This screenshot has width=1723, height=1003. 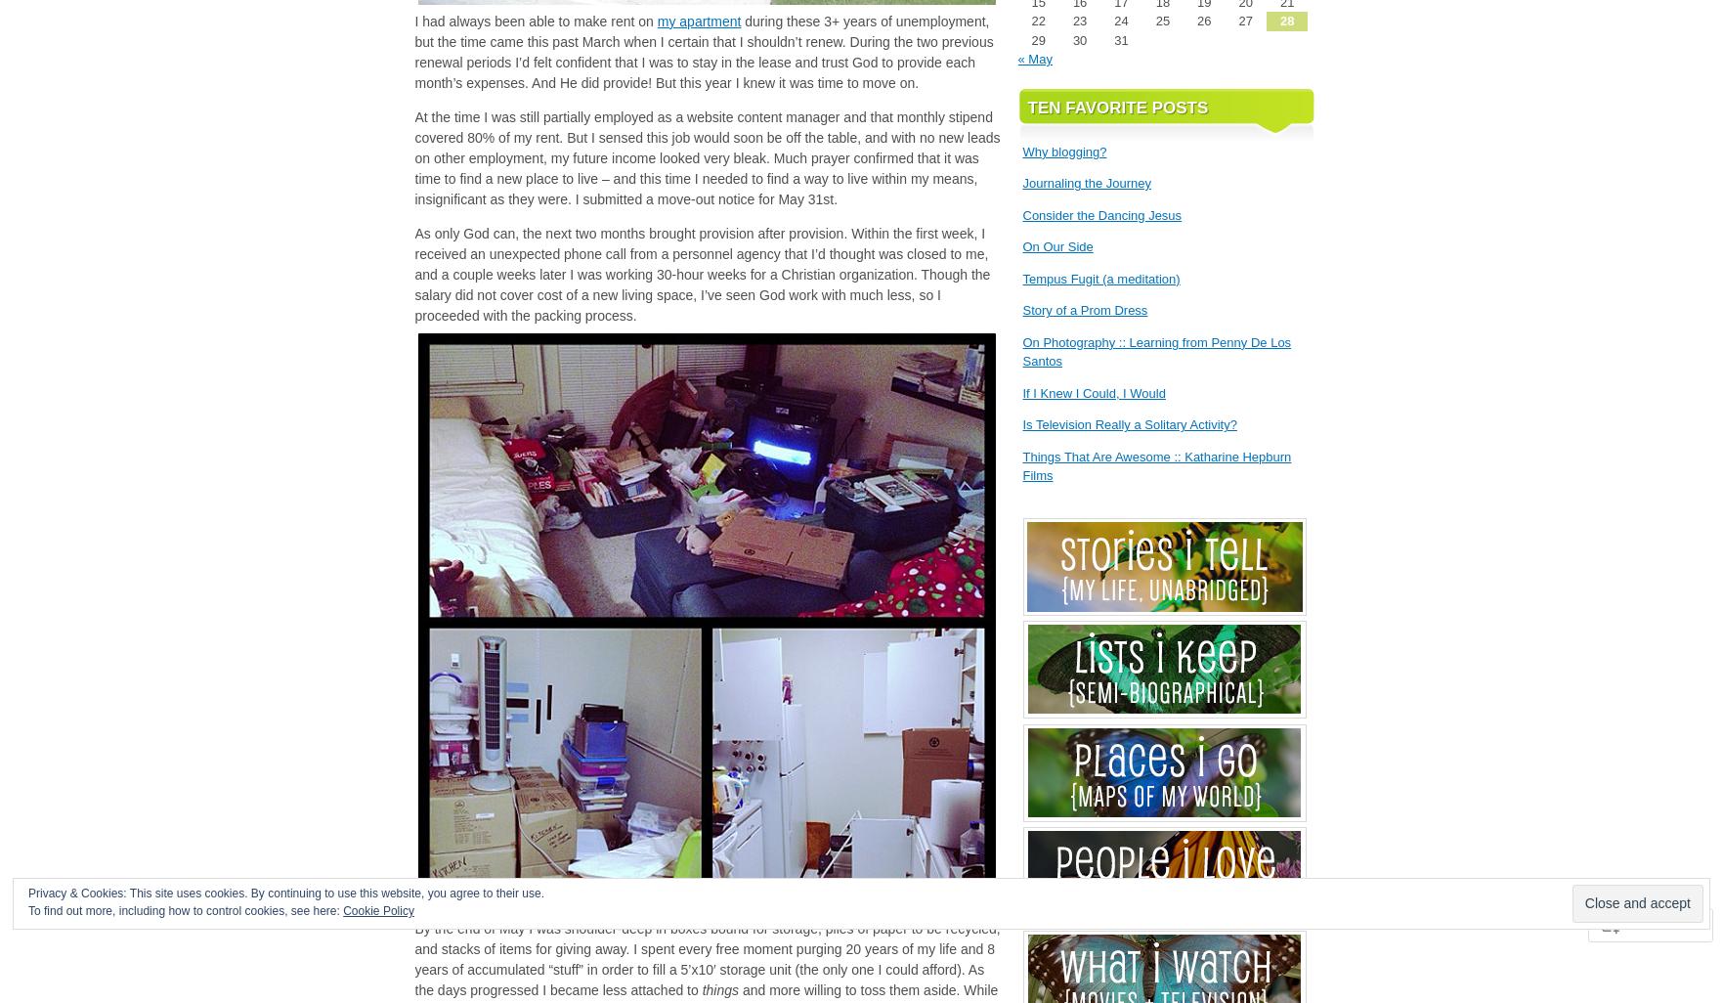 What do you see at coordinates (1624, 925) in the screenshot?
I see `'Follow'` at bounding box center [1624, 925].